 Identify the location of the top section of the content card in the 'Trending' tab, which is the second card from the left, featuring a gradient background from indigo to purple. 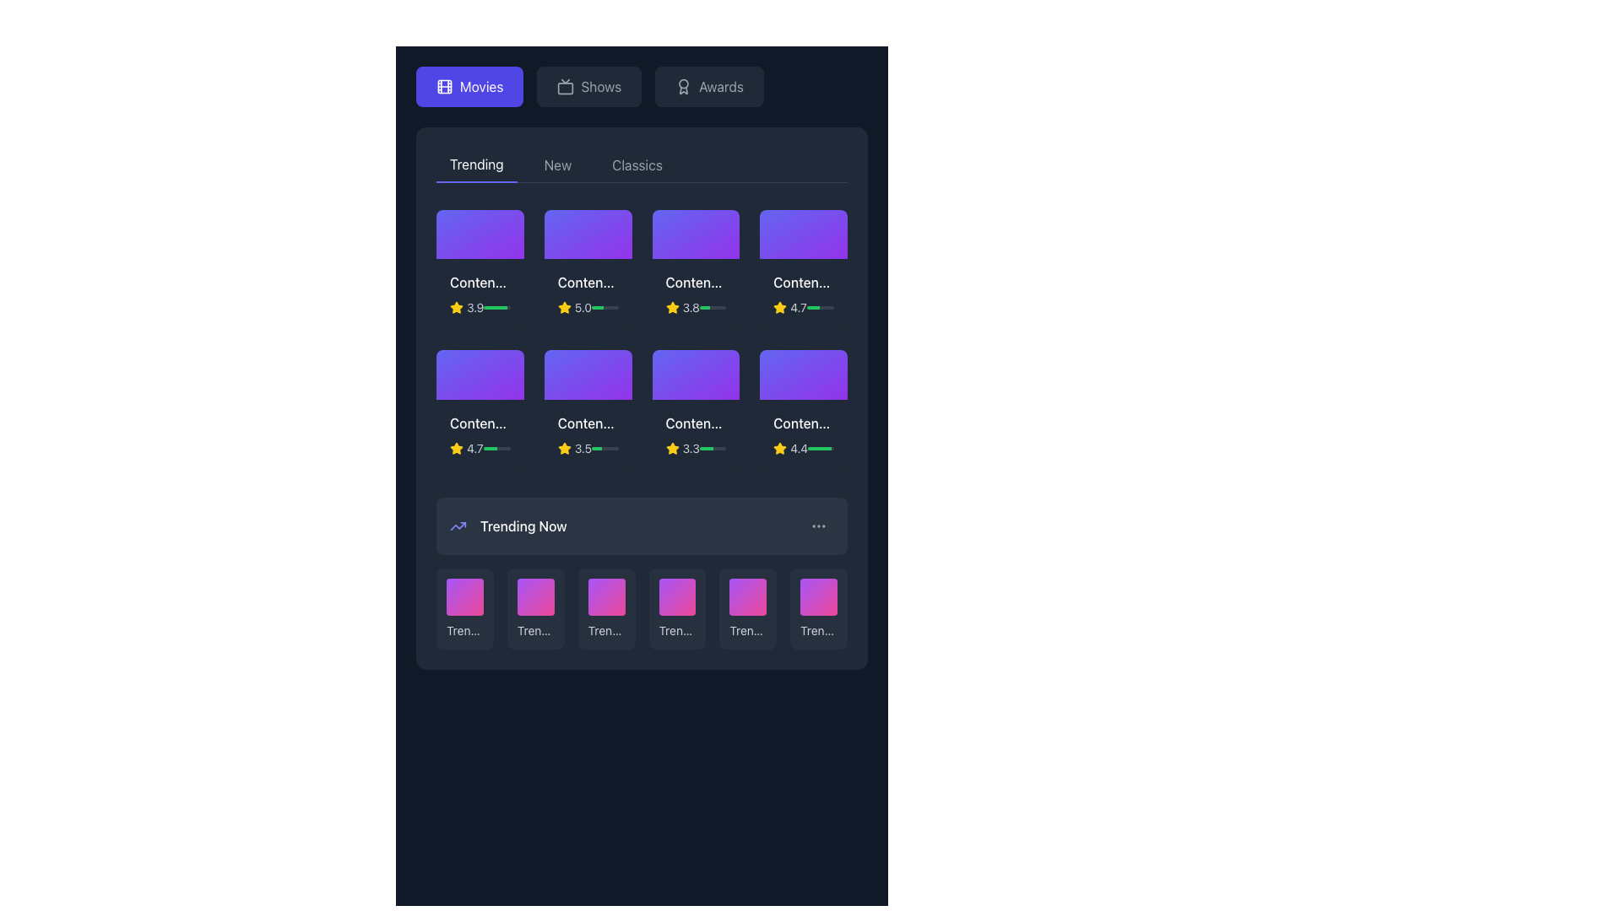
(588, 234).